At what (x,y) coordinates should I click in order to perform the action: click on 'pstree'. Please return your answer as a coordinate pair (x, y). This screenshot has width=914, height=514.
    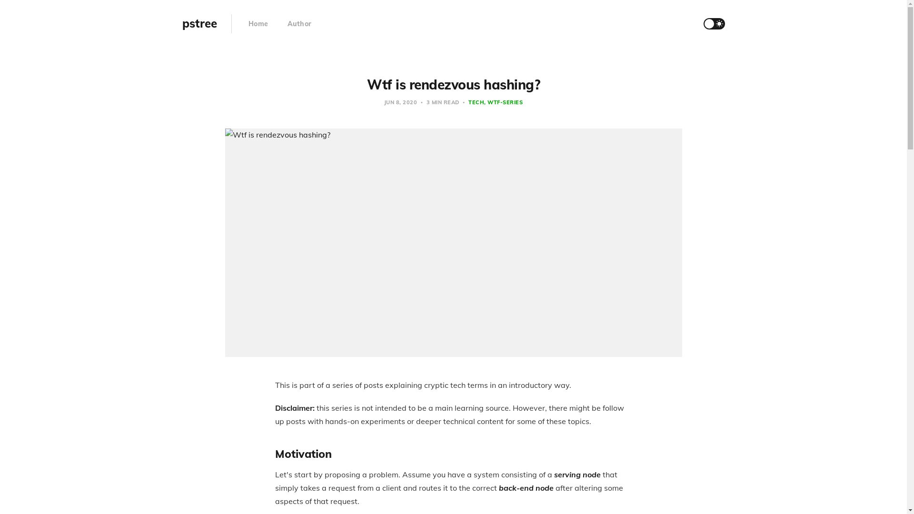
    Looking at the image, I should click on (199, 23).